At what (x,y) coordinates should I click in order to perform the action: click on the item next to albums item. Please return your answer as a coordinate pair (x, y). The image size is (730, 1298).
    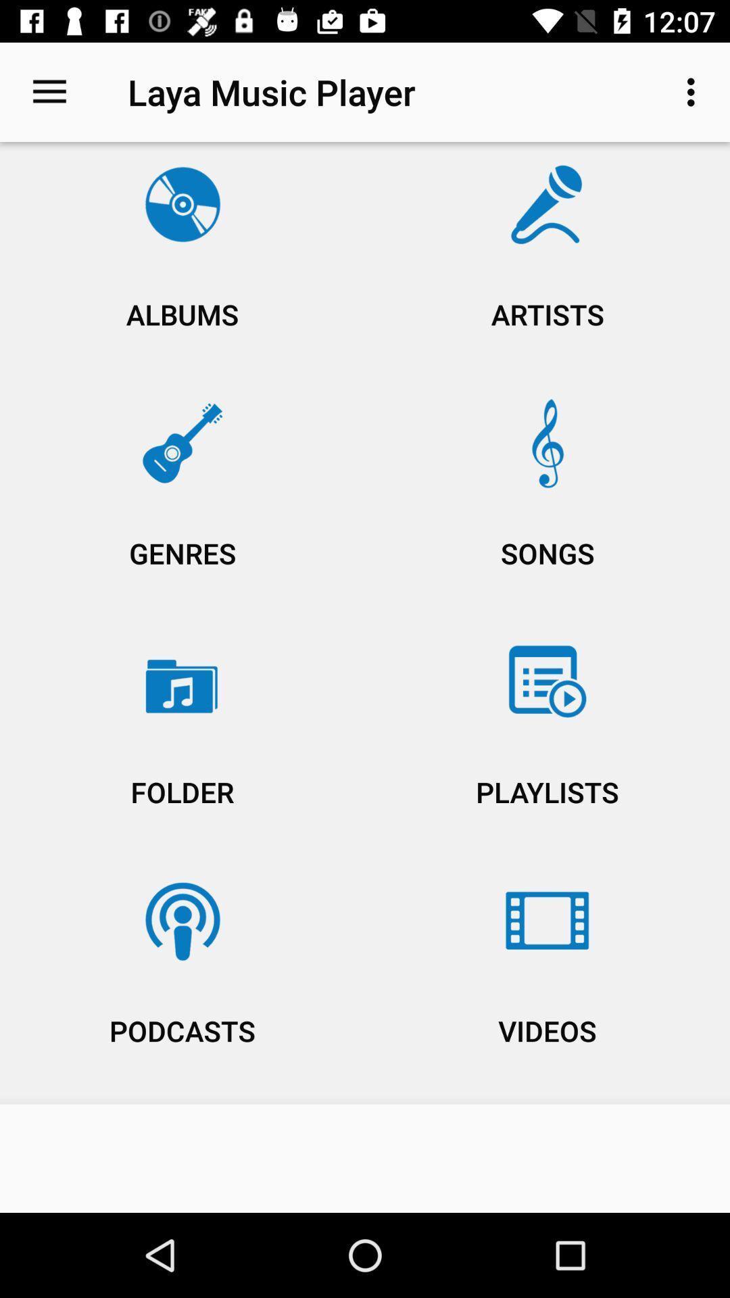
    Looking at the image, I should click on (547, 503).